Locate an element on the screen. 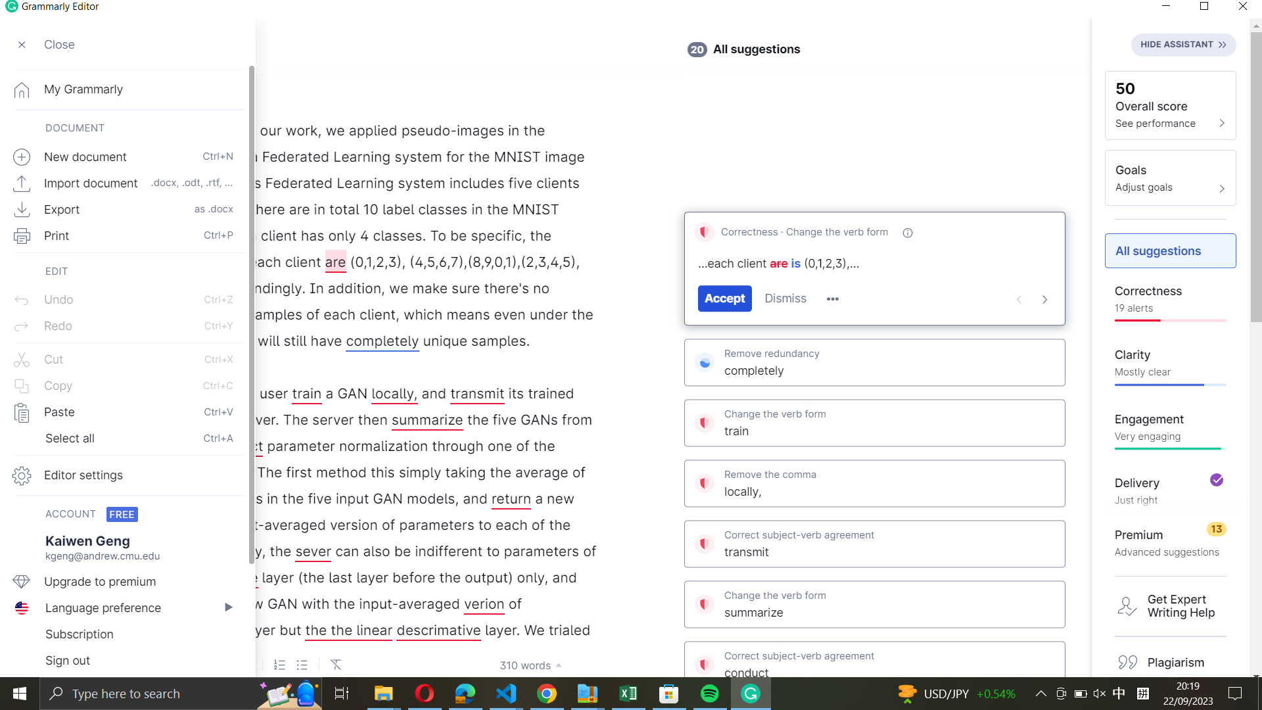  Redirect to the starting page is located at coordinates (123, 88).